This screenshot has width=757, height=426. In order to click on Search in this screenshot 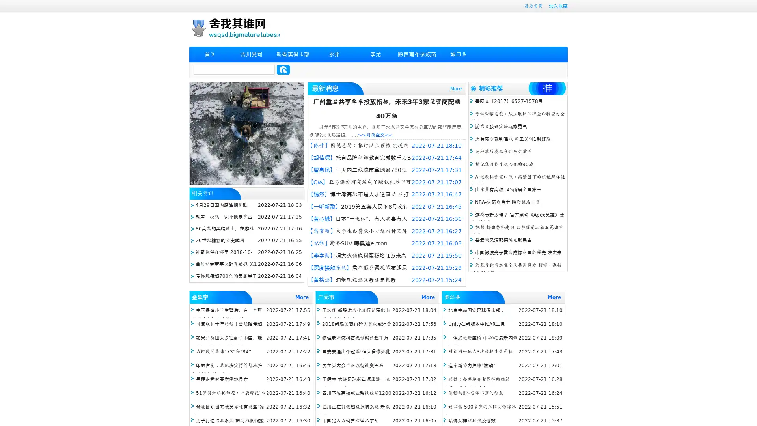, I will do `click(283, 69)`.